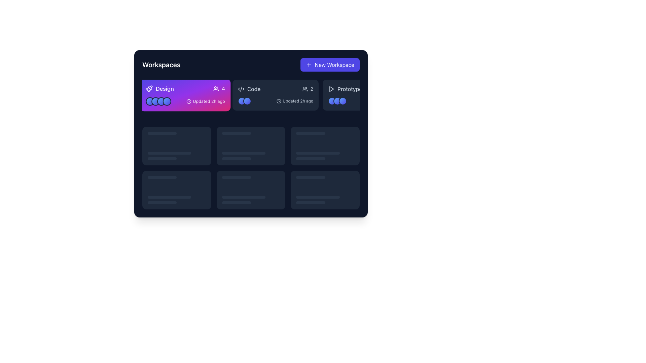  Describe the element at coordinates (165, 88) in the screenshot. I see `text label indicating the name or category of the workspace located to the right of the paintbrush-shaped icon in the purple panel titled 'Design' in the 'Workspaces' section` at that location.